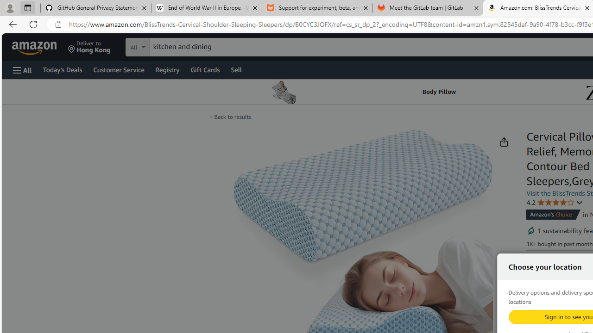 This screenshot has height=333, width=593. Describe the element at coordinates (62, 69) in the screenshot. I see `'Today'` at that location.